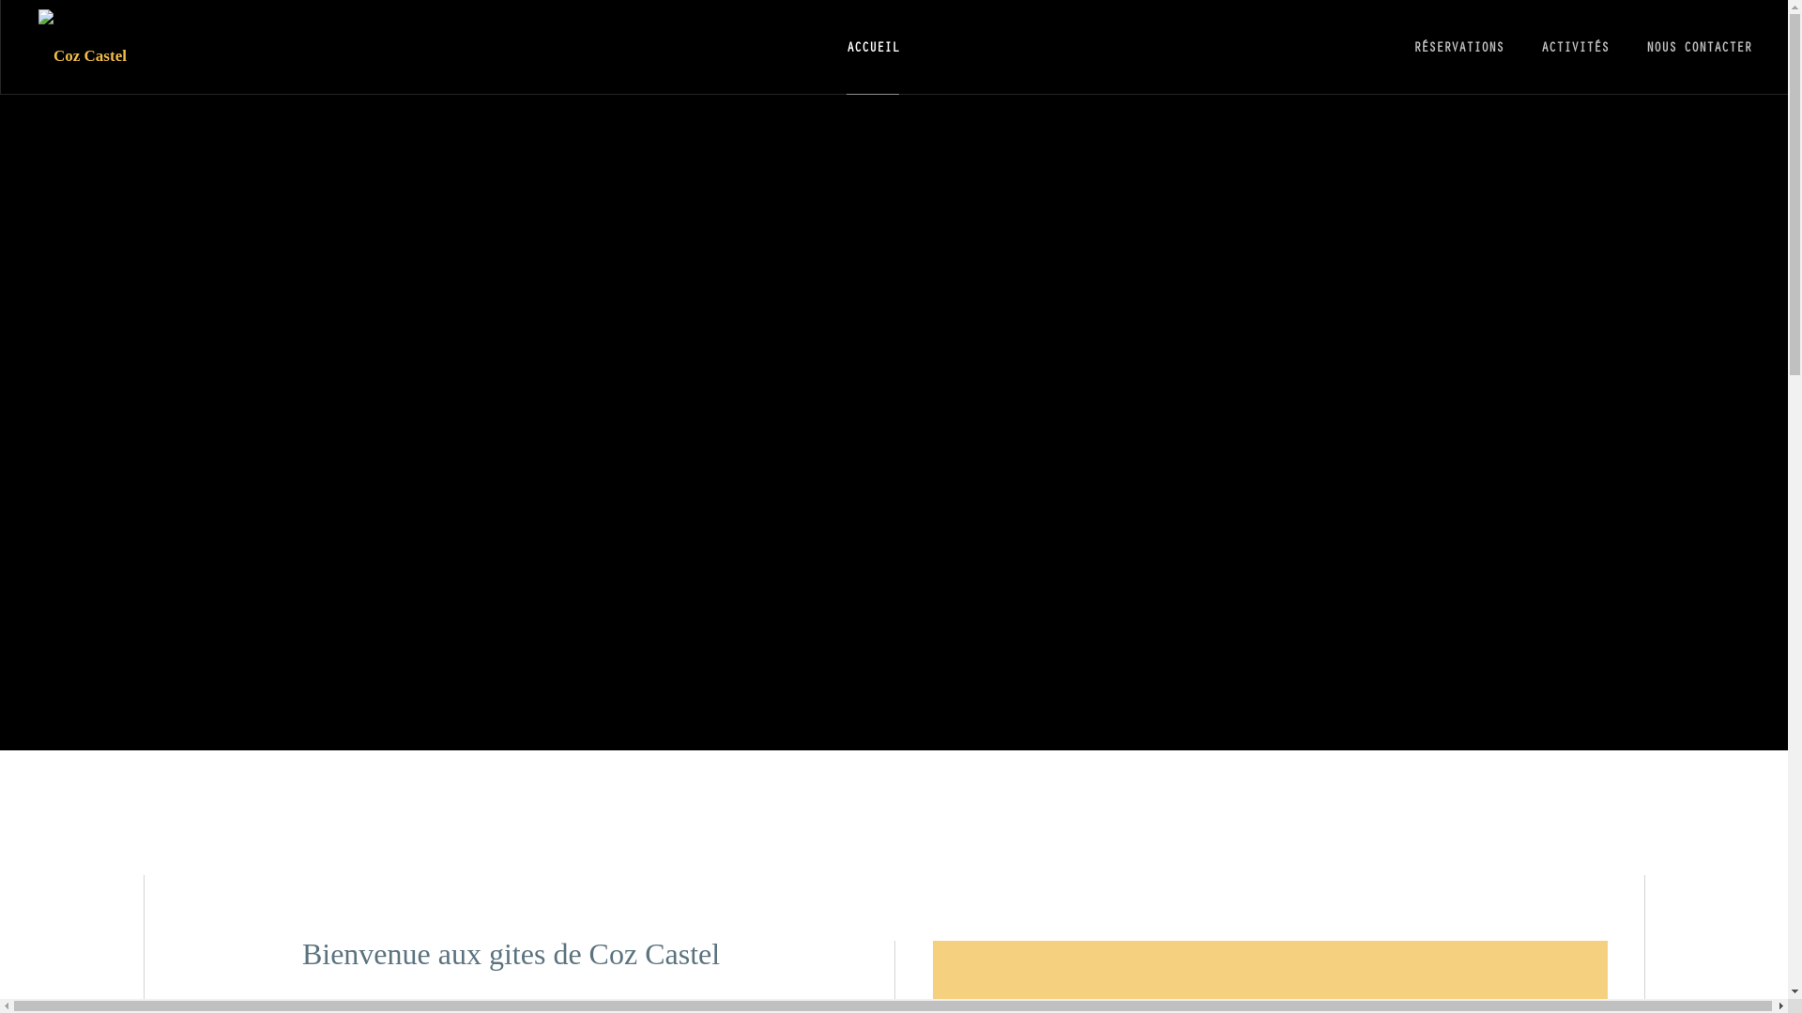 This screenshot has height=1013, width=1802. I want to click on 'ACCUEIL', so click(846, 46).